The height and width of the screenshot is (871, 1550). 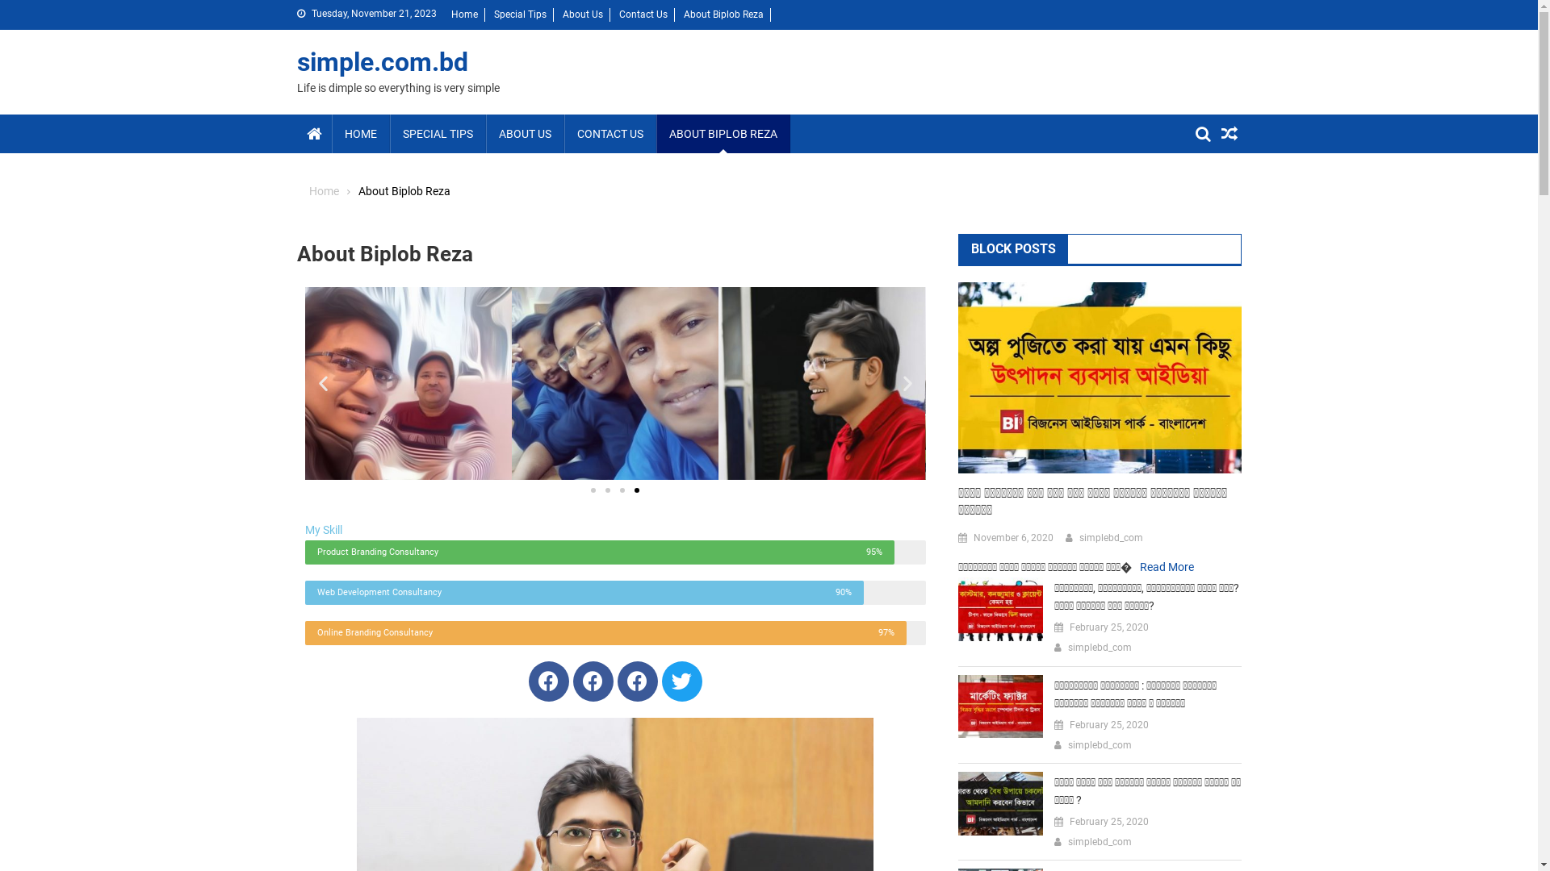 What do you see at coordinates (972, 538) in the screenshot?
I see `'November 6, 2020'` at bounding box center [972, 538].